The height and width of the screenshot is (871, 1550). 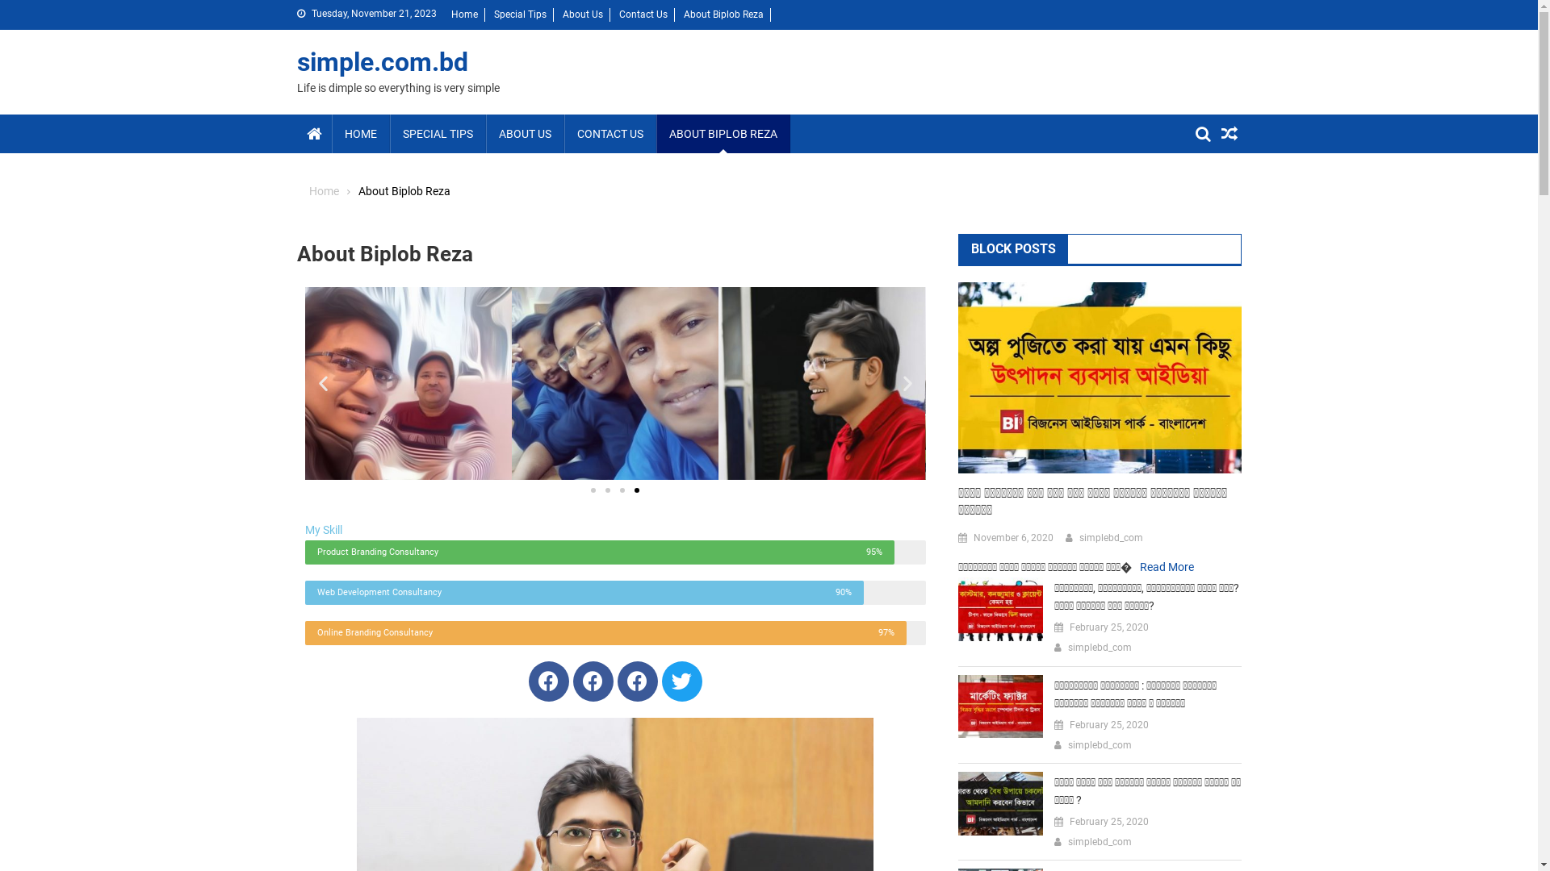 What do you see at coordinates (972, 538) in the screenshot?
I see `'November 6, 2020'` at bounding box center [972, 538].